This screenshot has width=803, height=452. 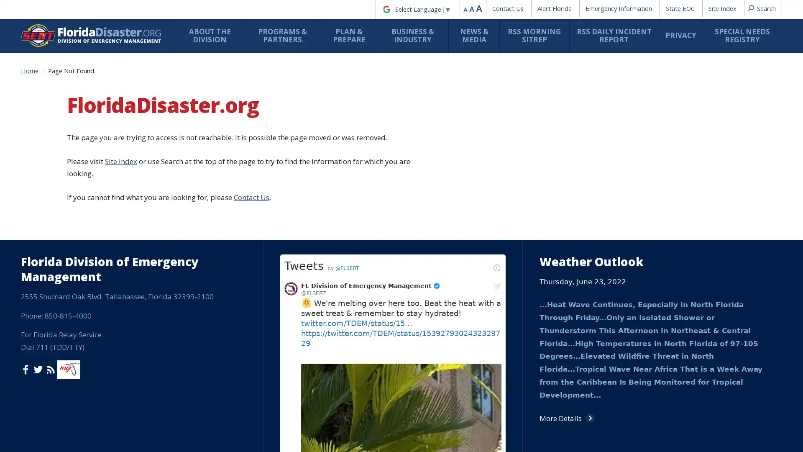 What do you see at coordinates (335, 130) in the screenshot?
I see `Toggle More` at bounding box center [335, 130].